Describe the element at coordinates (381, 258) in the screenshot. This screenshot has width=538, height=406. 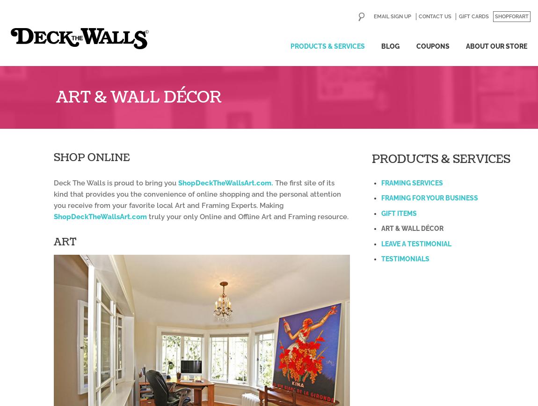
I see `'Testimonials'` at that location.